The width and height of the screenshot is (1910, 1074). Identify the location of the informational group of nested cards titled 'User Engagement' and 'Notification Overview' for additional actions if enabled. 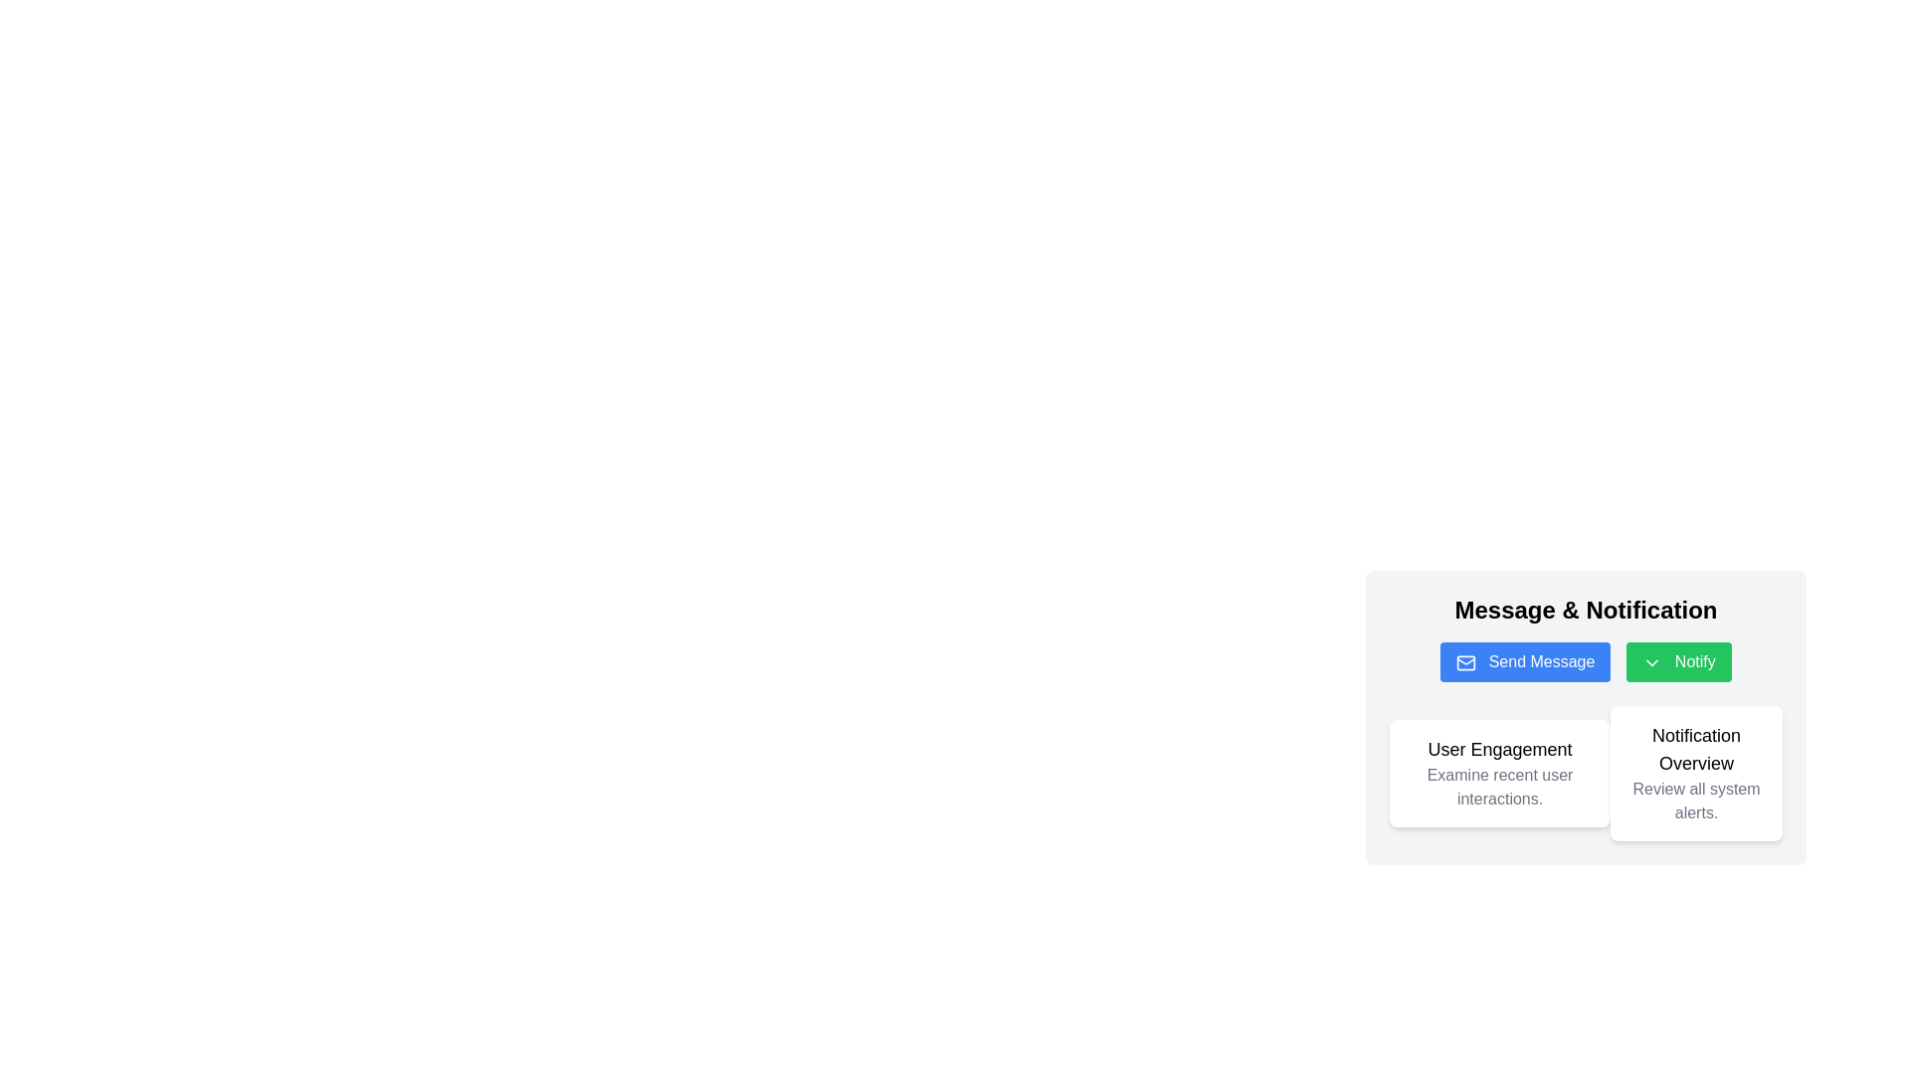
(1585, 773).